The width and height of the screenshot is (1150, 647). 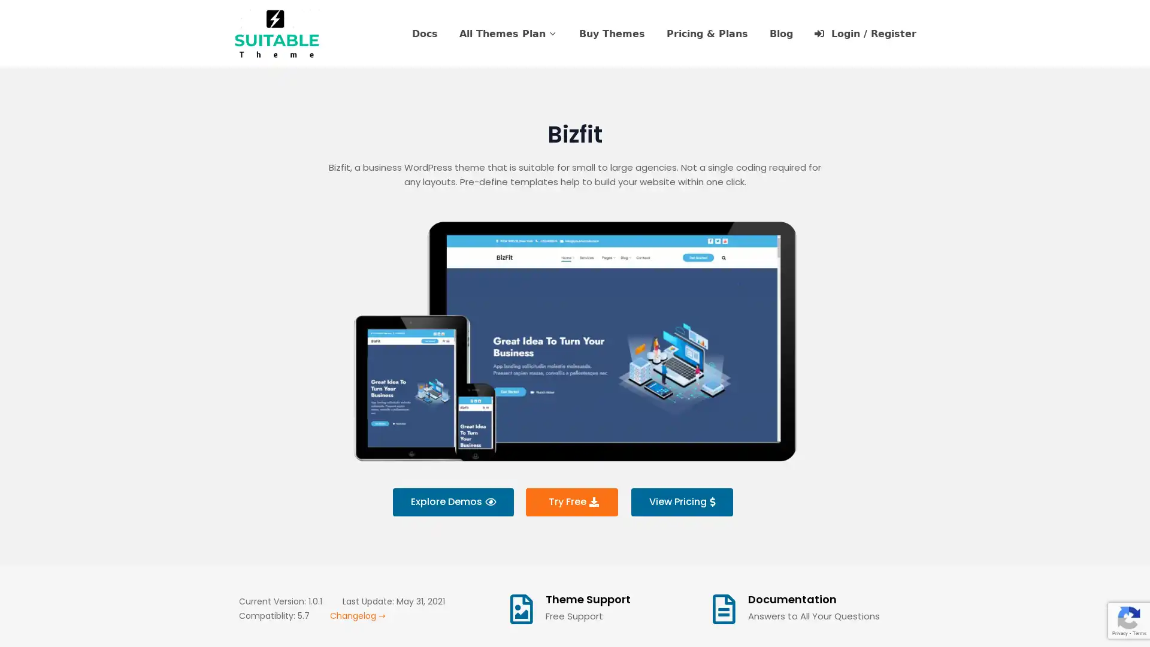 I want to click on Explore Demos, so click(x=452, y=501).